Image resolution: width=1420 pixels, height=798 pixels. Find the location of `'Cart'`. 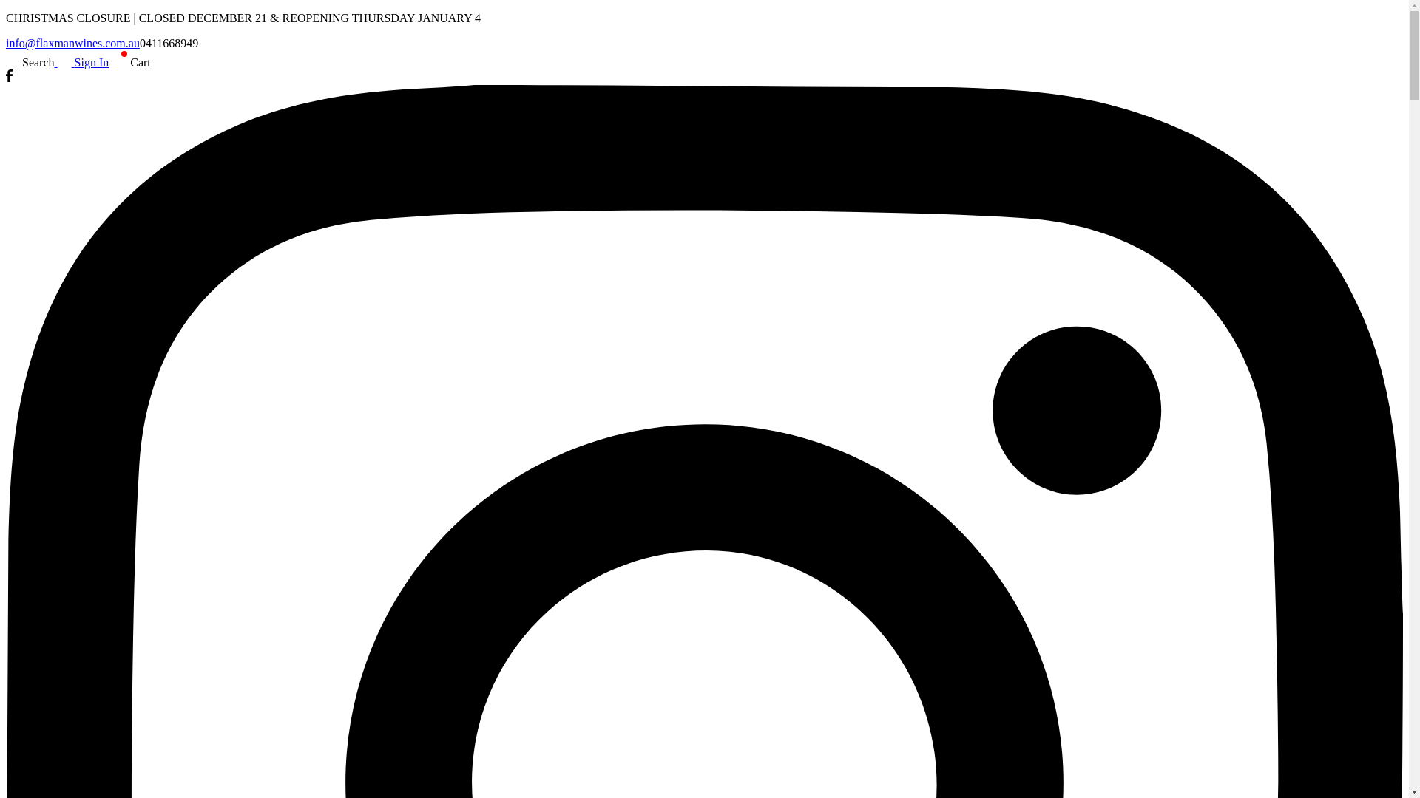

'Cart' is located at coordinates (108, 61).